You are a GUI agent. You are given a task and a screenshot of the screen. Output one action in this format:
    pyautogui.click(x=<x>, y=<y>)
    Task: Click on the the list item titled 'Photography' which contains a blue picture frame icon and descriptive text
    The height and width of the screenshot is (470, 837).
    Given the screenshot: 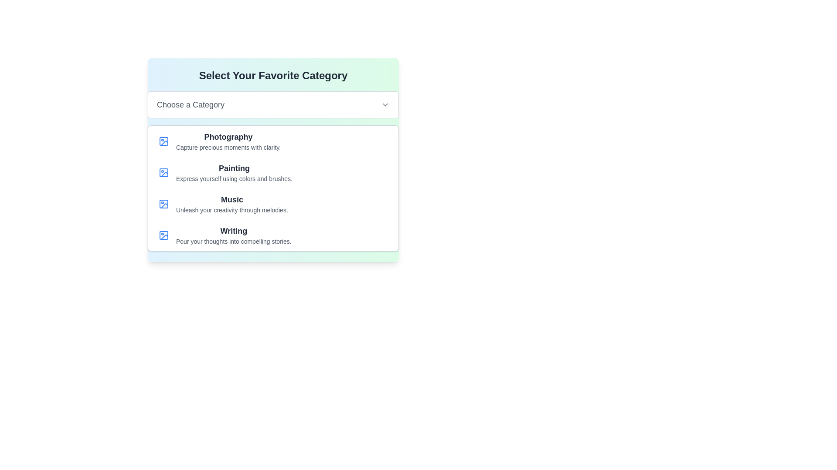 What is the action you would take?
    pyautogui.click(x=273, y=141)
    